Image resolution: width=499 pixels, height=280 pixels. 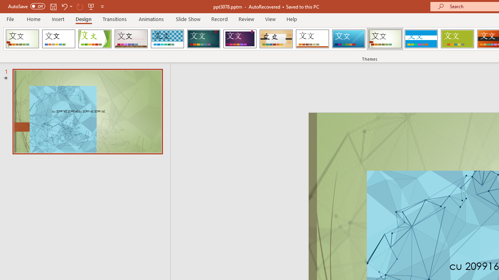 What do you see at coordinates (276, 39) in the screenshot?
I see `'Organic'` at bounding box center [276, 39].